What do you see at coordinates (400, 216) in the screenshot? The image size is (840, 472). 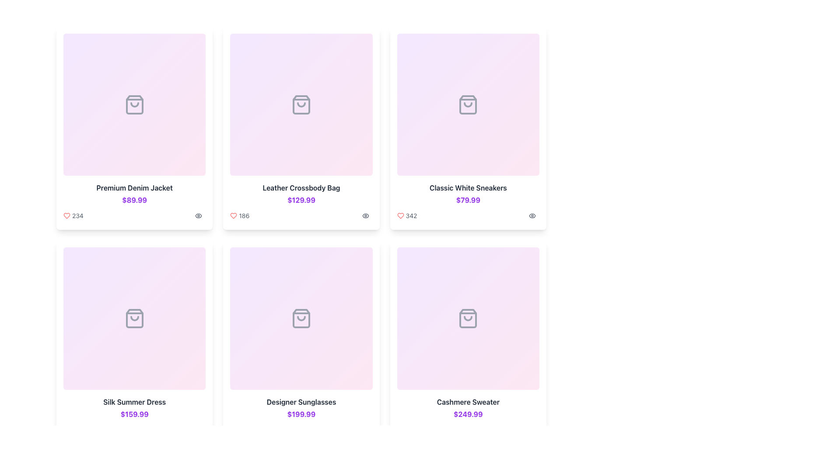 I see `the heart-shaped icon located at the bottom left corner of the product card for 'Classic White Sneakers'` at bounding box center [400, 216].